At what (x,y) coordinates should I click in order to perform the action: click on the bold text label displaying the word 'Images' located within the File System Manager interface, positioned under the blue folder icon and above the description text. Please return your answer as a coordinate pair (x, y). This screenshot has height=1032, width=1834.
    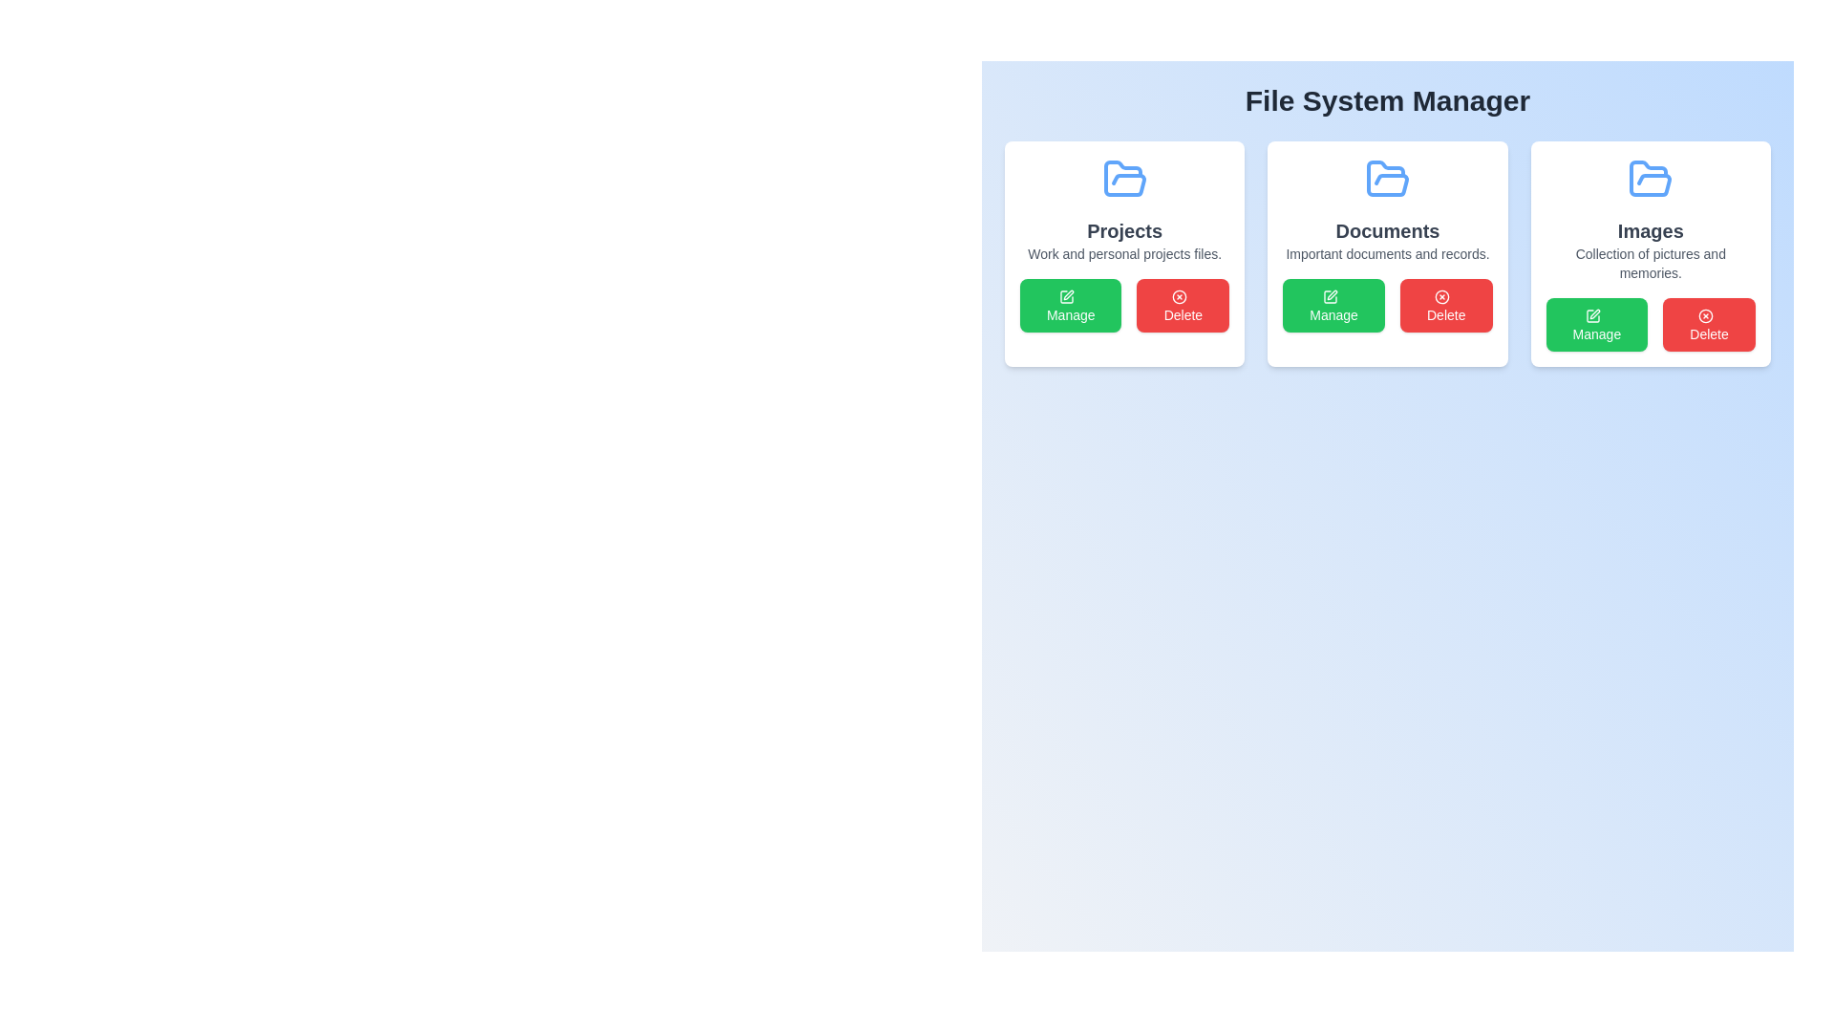
    Looking at the image, I should click on (1650, 230).